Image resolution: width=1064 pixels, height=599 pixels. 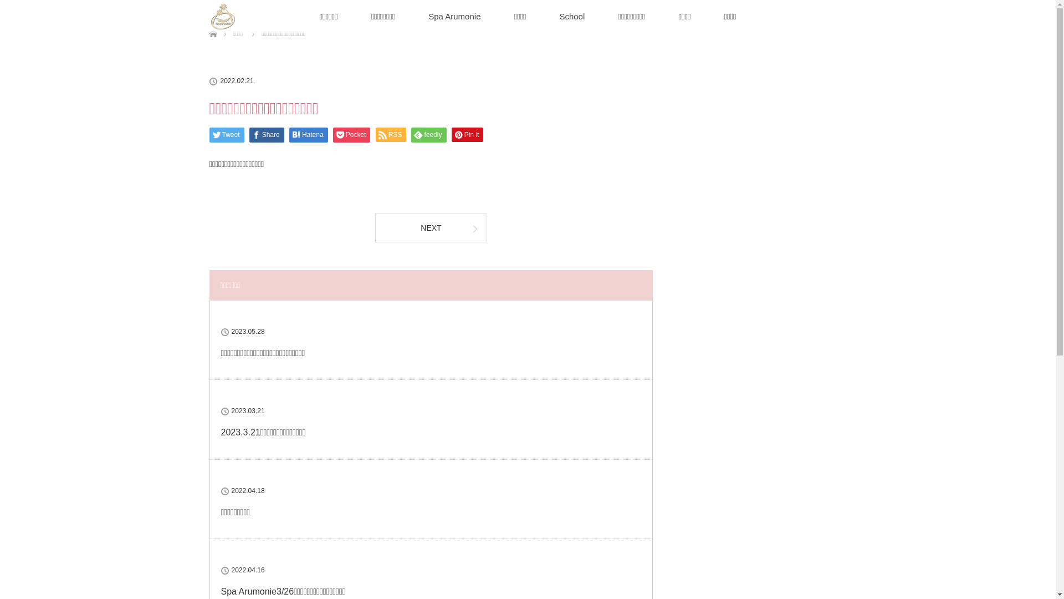 I want to click on 'Share', so click(x=267, y=134).